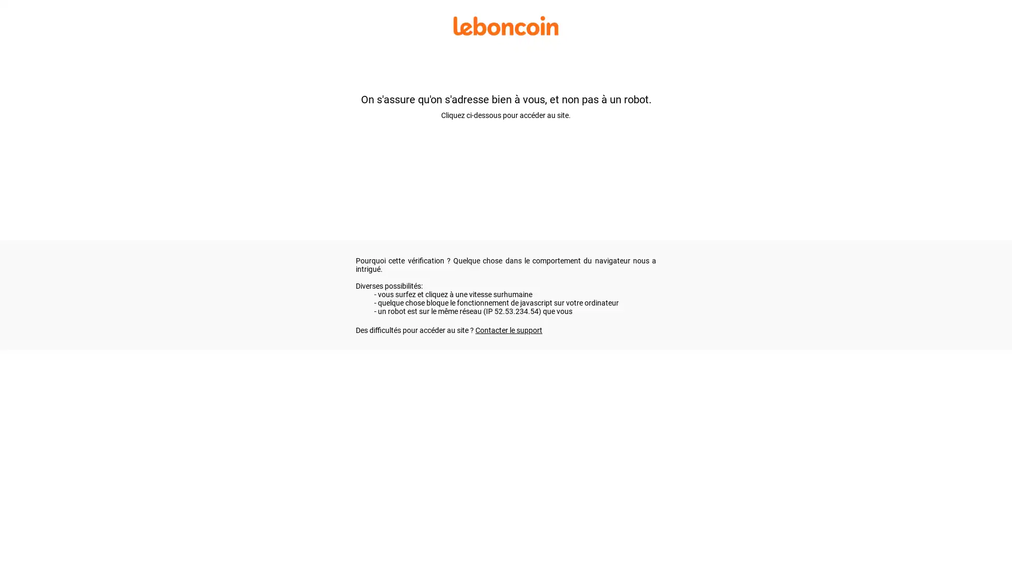  What do you see at coordinates (287, 148) in the screenshot?
I see `Prix` at bounding box center [287, 148].